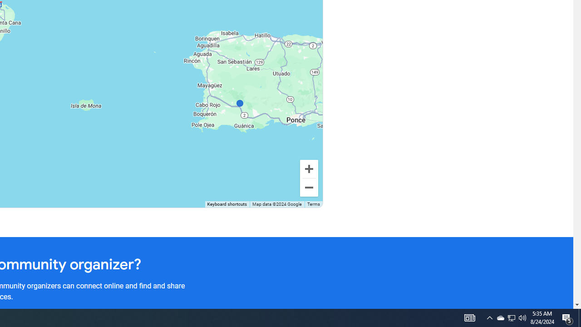  I want to click on 'Zoom out', so click(309, 187).